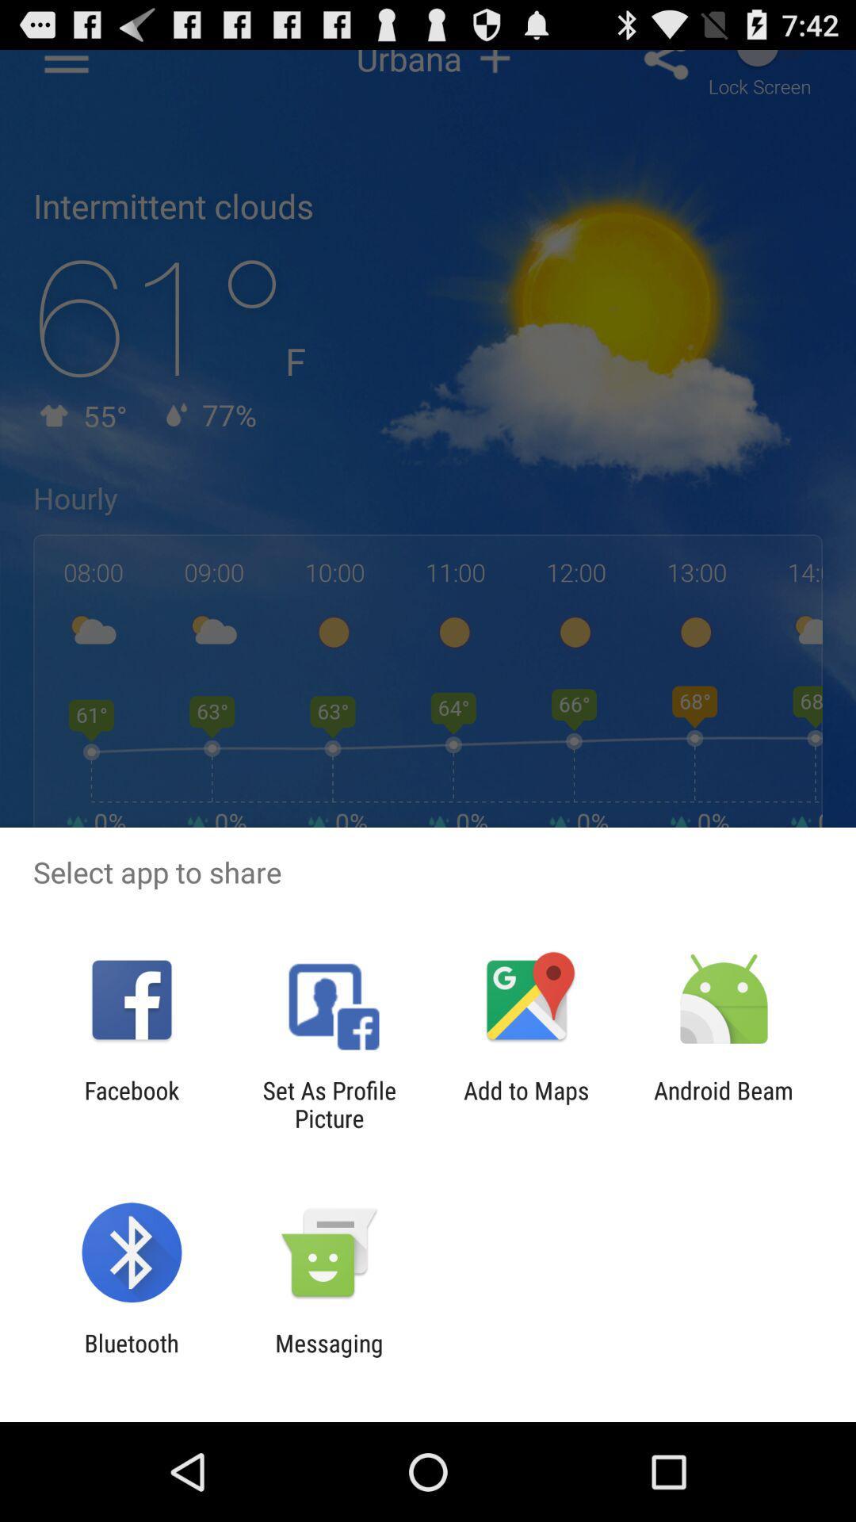 The height and width of the screenshot is (1522, 856). Describe the element at coordinates (328, 1103) in the screenshot. I see `the icon next to the add to maps item` at that location.